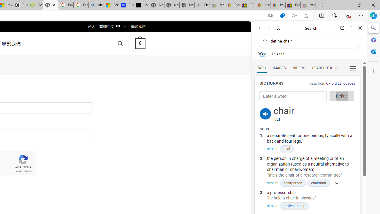  What do you see at coordinates (96, 5) in the screenshot?
I see `'alabama high school quarterback dies - Search'` at bounding box center [96, 5].